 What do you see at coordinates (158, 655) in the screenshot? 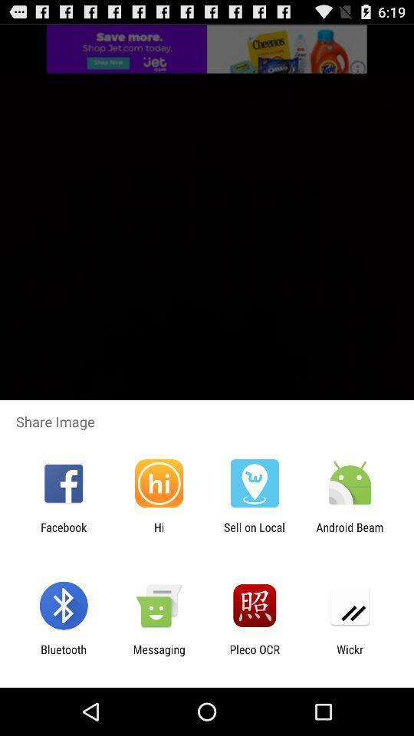
I see `the icon next to the bluetooth` at bounding box center [158, 655].